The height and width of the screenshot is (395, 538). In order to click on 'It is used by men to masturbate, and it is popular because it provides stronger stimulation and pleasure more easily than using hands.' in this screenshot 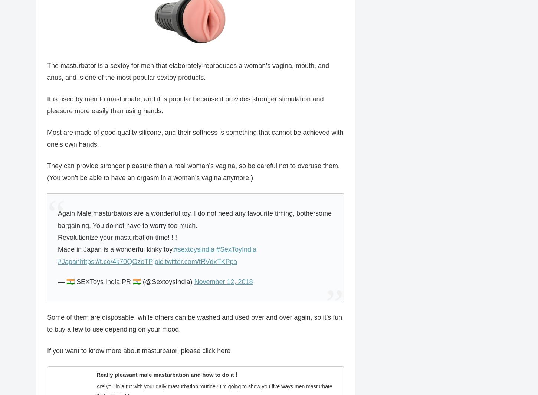, I will do `click(47, 105)`.